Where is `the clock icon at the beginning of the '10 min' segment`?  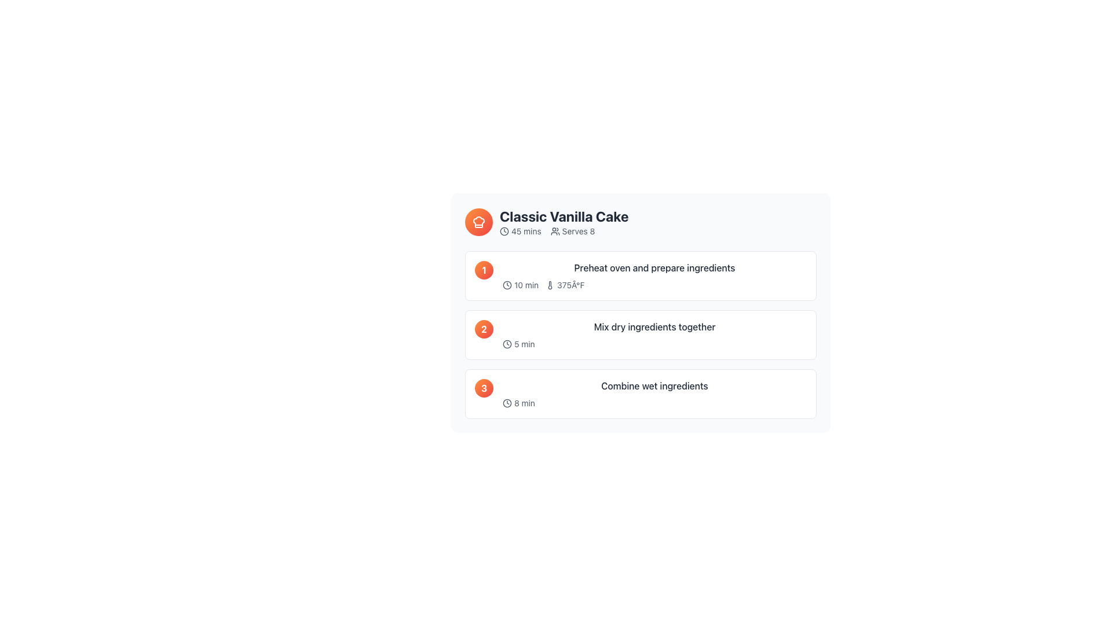 the clock icon at the beginning of the '10 min' segment is located at coordinates (507, 285).